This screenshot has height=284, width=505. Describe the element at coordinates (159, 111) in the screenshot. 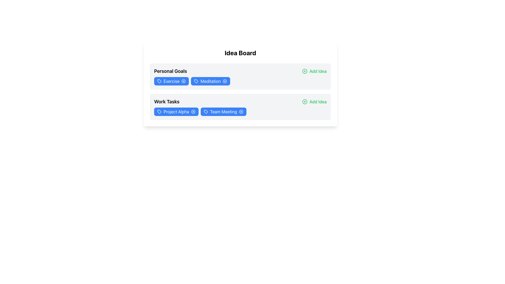

I see `the tag-shaped SVG icon element preceding the text 'Project Alpha' in the 'Work Tasks' section` at that location.